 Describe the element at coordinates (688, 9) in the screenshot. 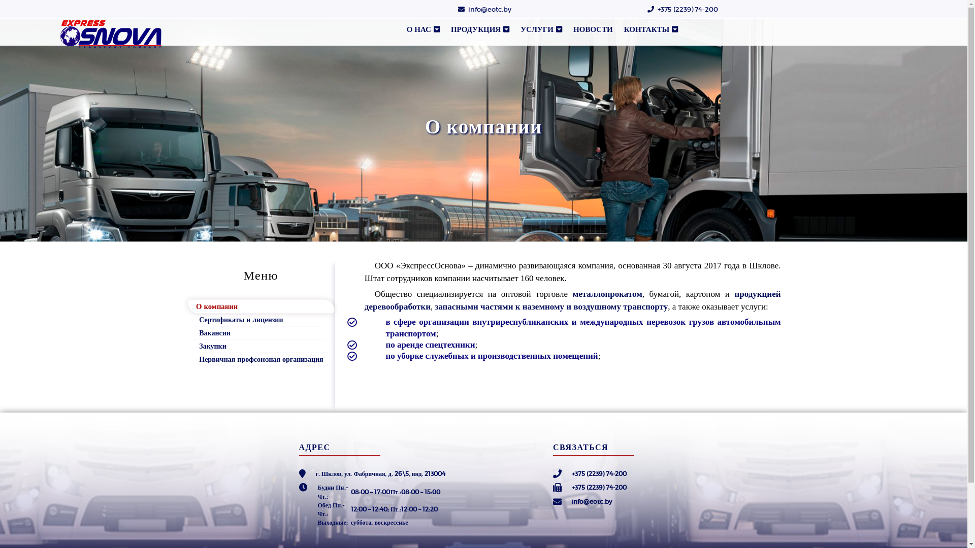

I see `'+375 (2239) 74-200'` at that location.